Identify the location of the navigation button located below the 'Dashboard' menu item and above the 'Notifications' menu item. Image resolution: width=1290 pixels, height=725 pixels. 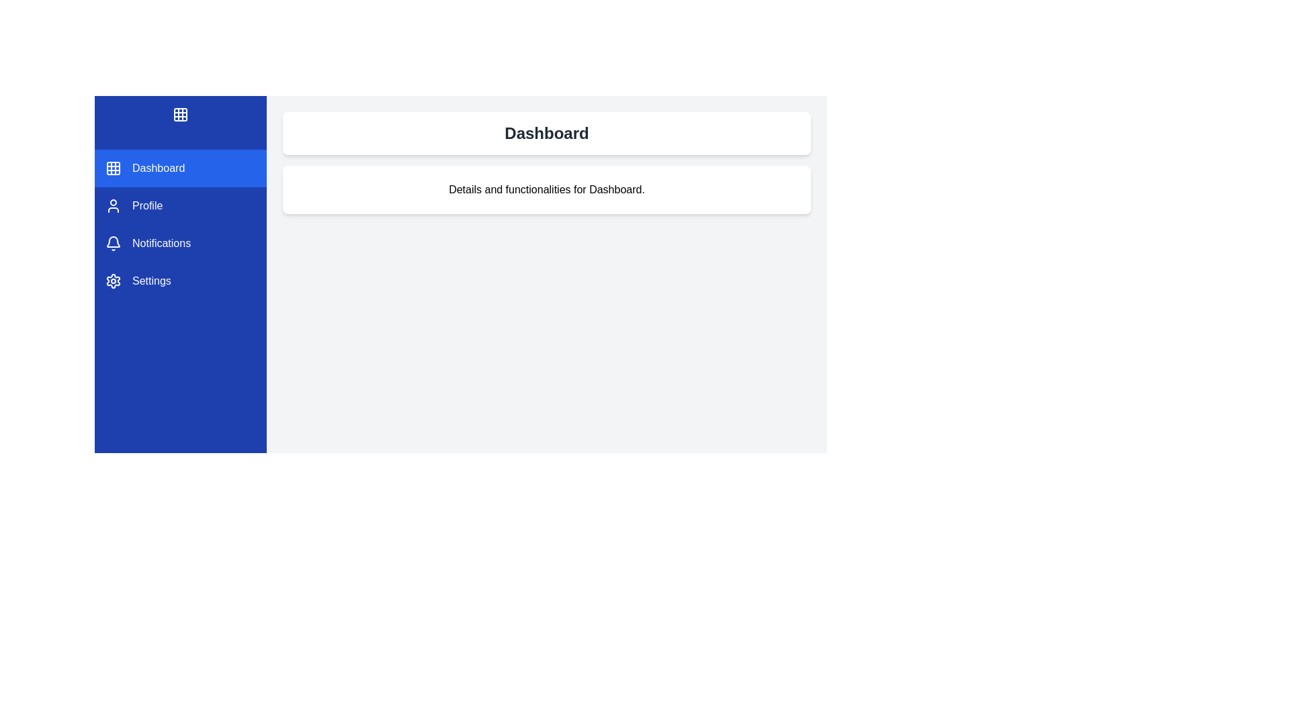
(179, 206).